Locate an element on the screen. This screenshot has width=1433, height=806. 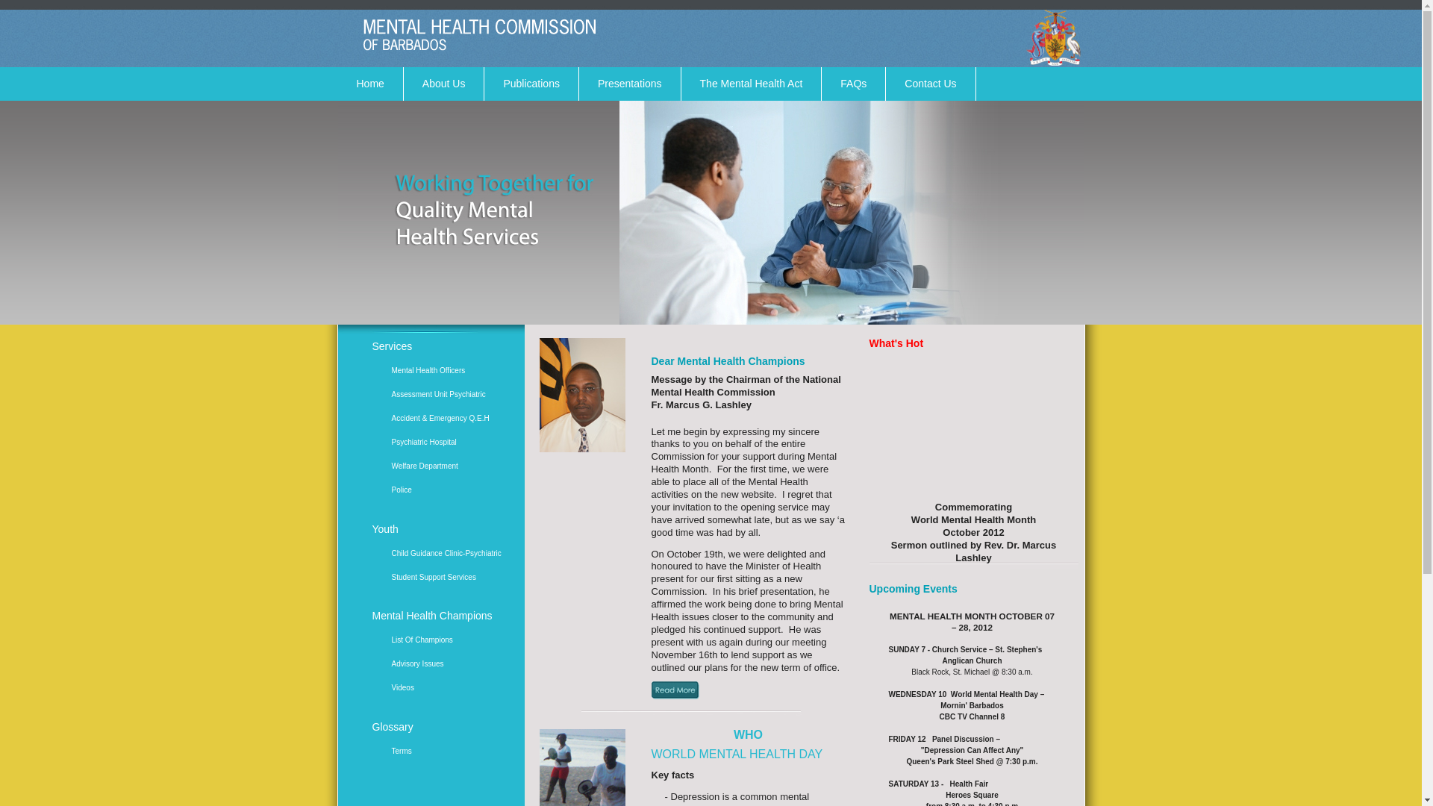
'Home' is located at coordinates (369, 84).